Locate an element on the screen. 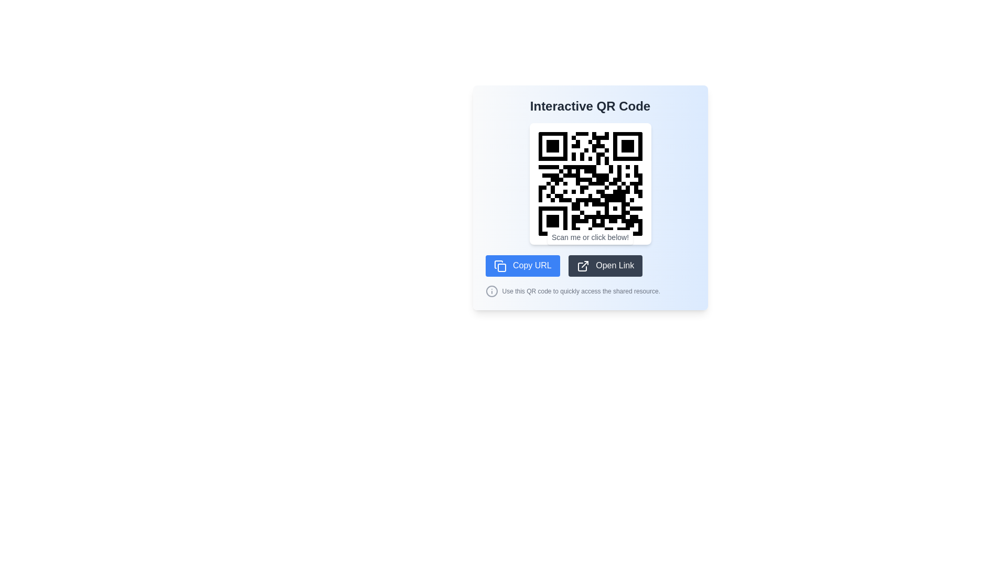  the rectangular button with rounded corners, blue background, and white text reading 'Copy URL' to copy the URL is located at coordinates (522, 265).